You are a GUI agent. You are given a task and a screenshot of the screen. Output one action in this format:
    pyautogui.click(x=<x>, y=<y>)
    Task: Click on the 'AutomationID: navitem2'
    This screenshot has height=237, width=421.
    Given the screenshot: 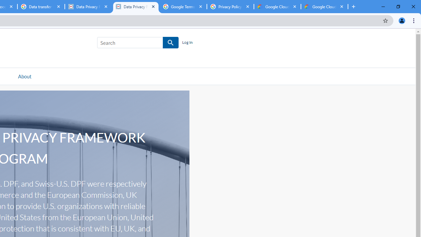 What is the action you would take?
    pyautogui.click(x=24, y=76)
    